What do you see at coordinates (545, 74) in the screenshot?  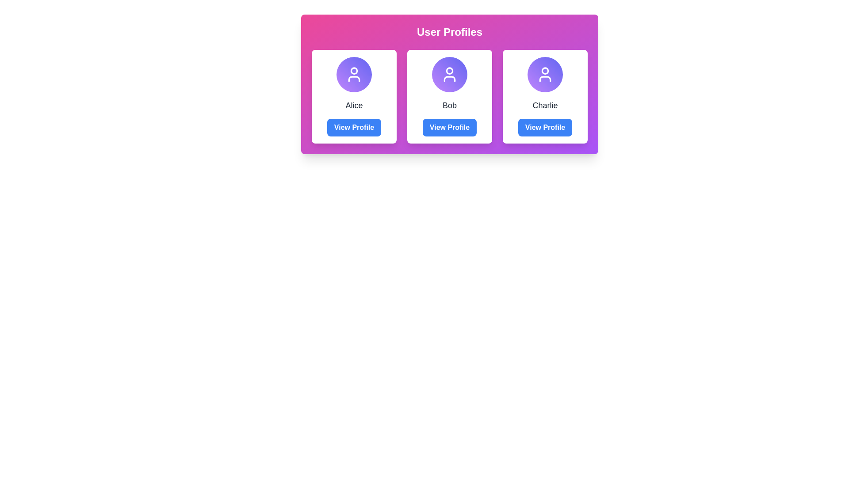 I see `the user profile SVG icon, which is a circular head with shoulders in white, located in the third card under 'User Profiles.'` at bounding box center [545, 74].